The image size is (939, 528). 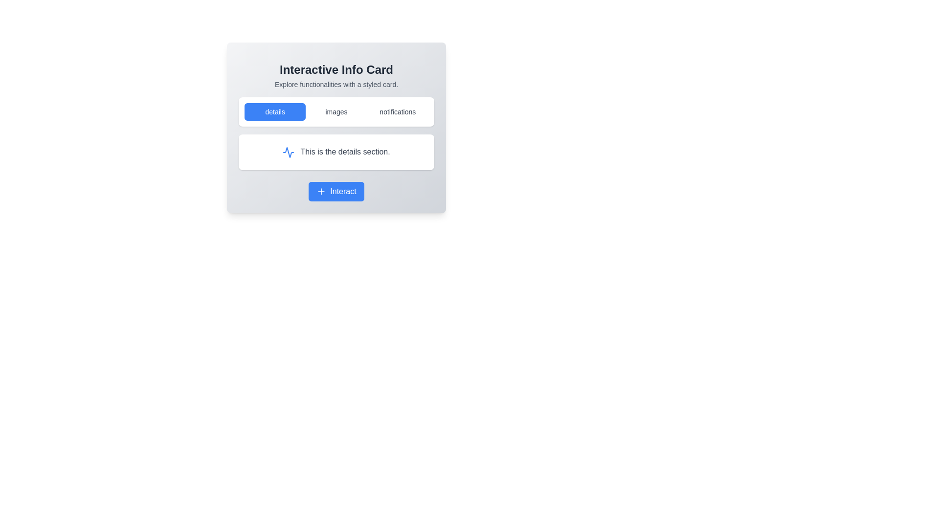 I want to click on text content of the 'Interactive Info Card' label, which is styled prominently in a large bold font and displayed at the top-center of the card-like section, so click(x=336, y=69).